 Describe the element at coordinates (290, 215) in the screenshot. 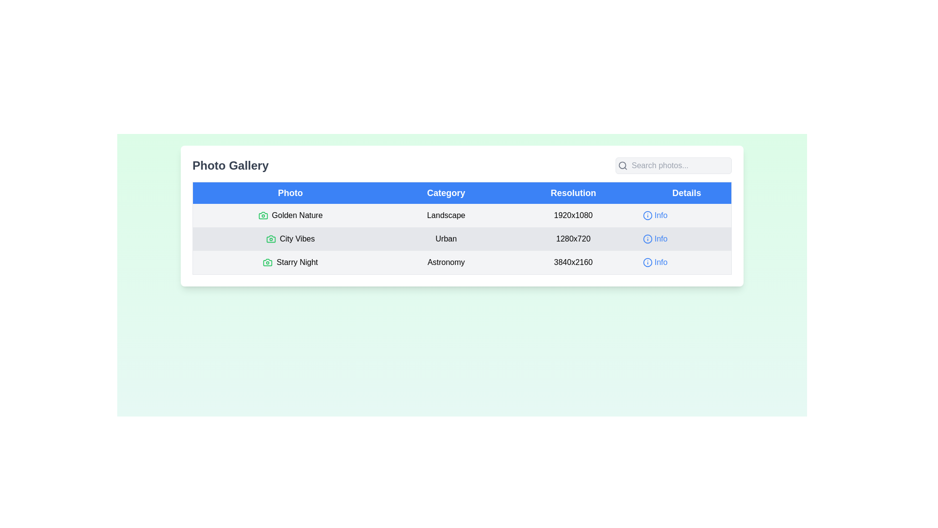

I see `the 'Golden Nature' text with the green camera icon in the first row of the 'Photo' column` at that location.